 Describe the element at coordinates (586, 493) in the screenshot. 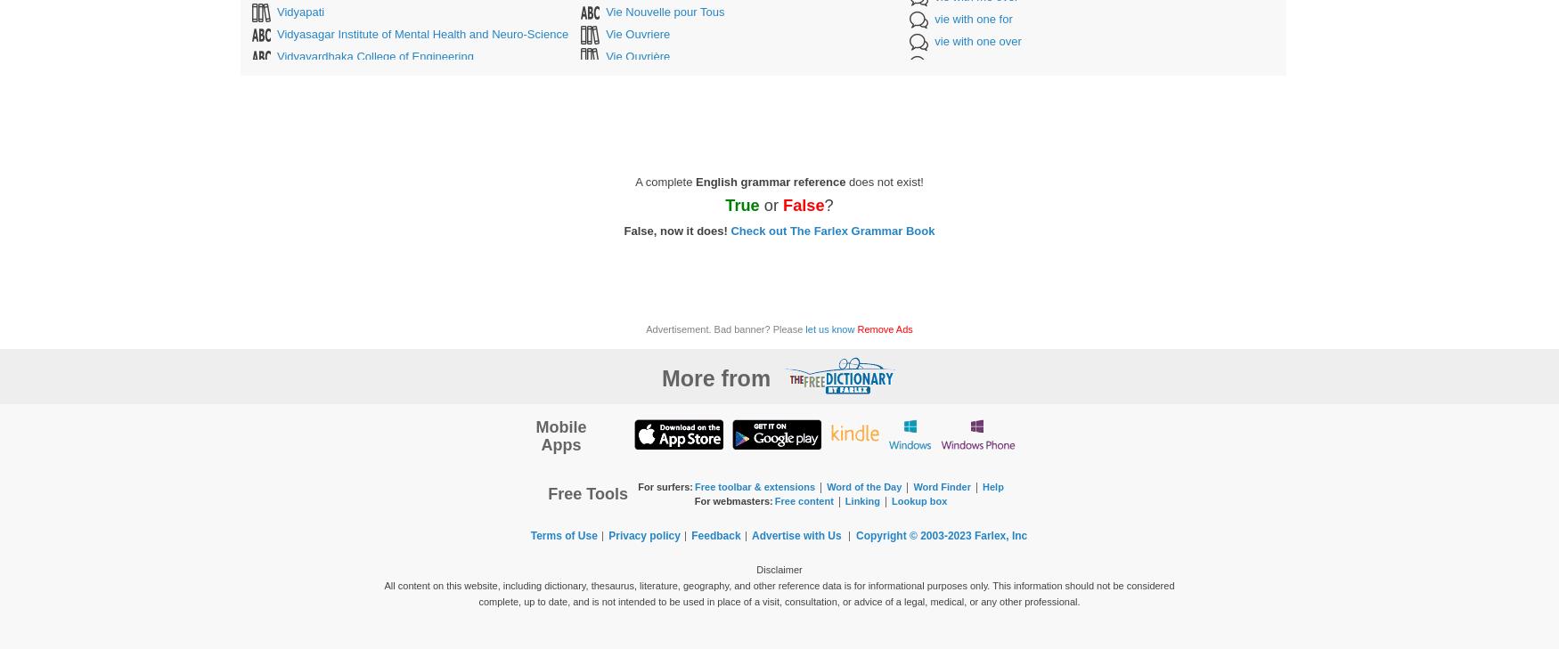

I see `'Free Tools'` at that location.